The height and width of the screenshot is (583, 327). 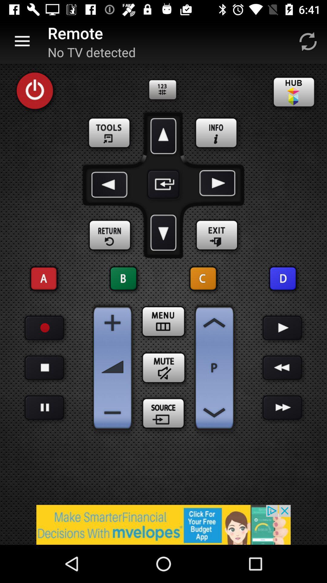 I want to click on return back, so click(x=110, y=235).